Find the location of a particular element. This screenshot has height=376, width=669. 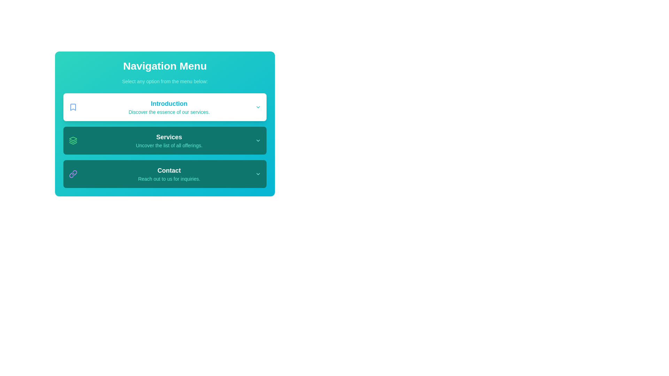

the bottommost layer of the graphical icon element represented by three stacked layers, located under the 'Services' label is located at coordinates (73, 143).